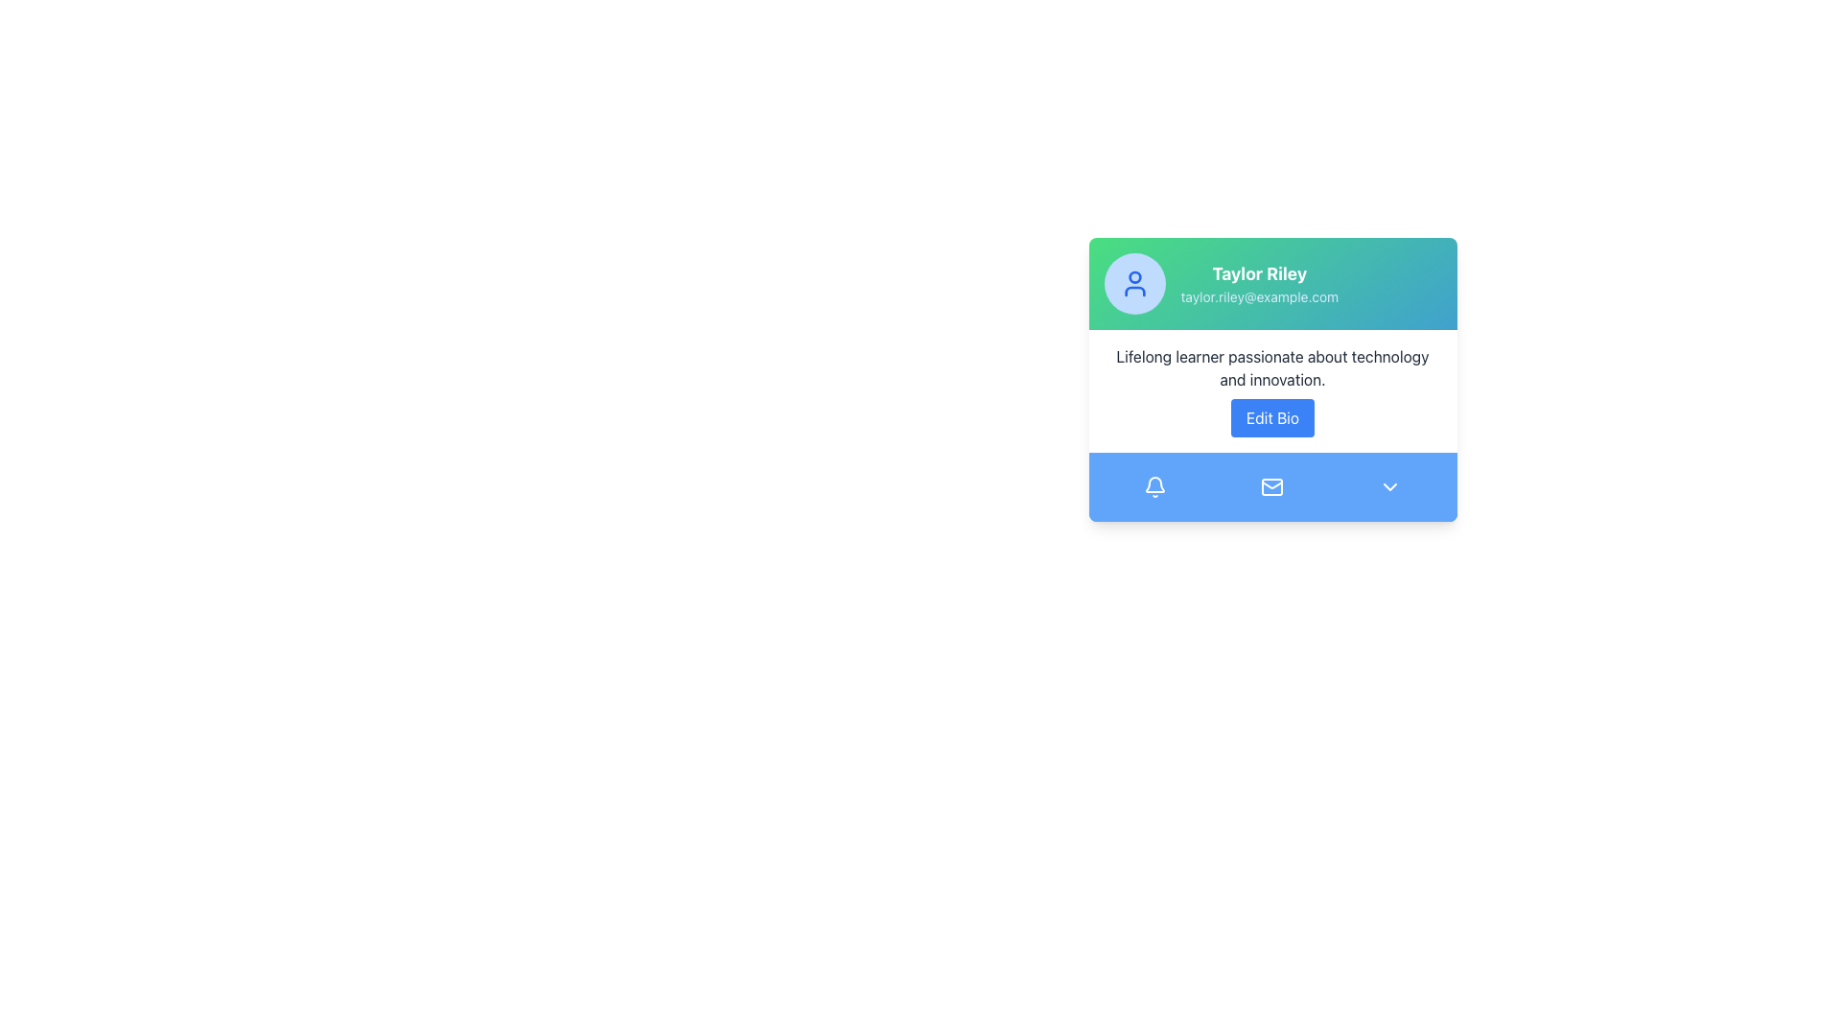  Describe the element at coordinates (1272, 486) in the screenshot. I see `the icon button located at the bottom of the card interface, which is centered horizontally and positioned between a notification bell icon and a dropdown arrow icon` at that location.